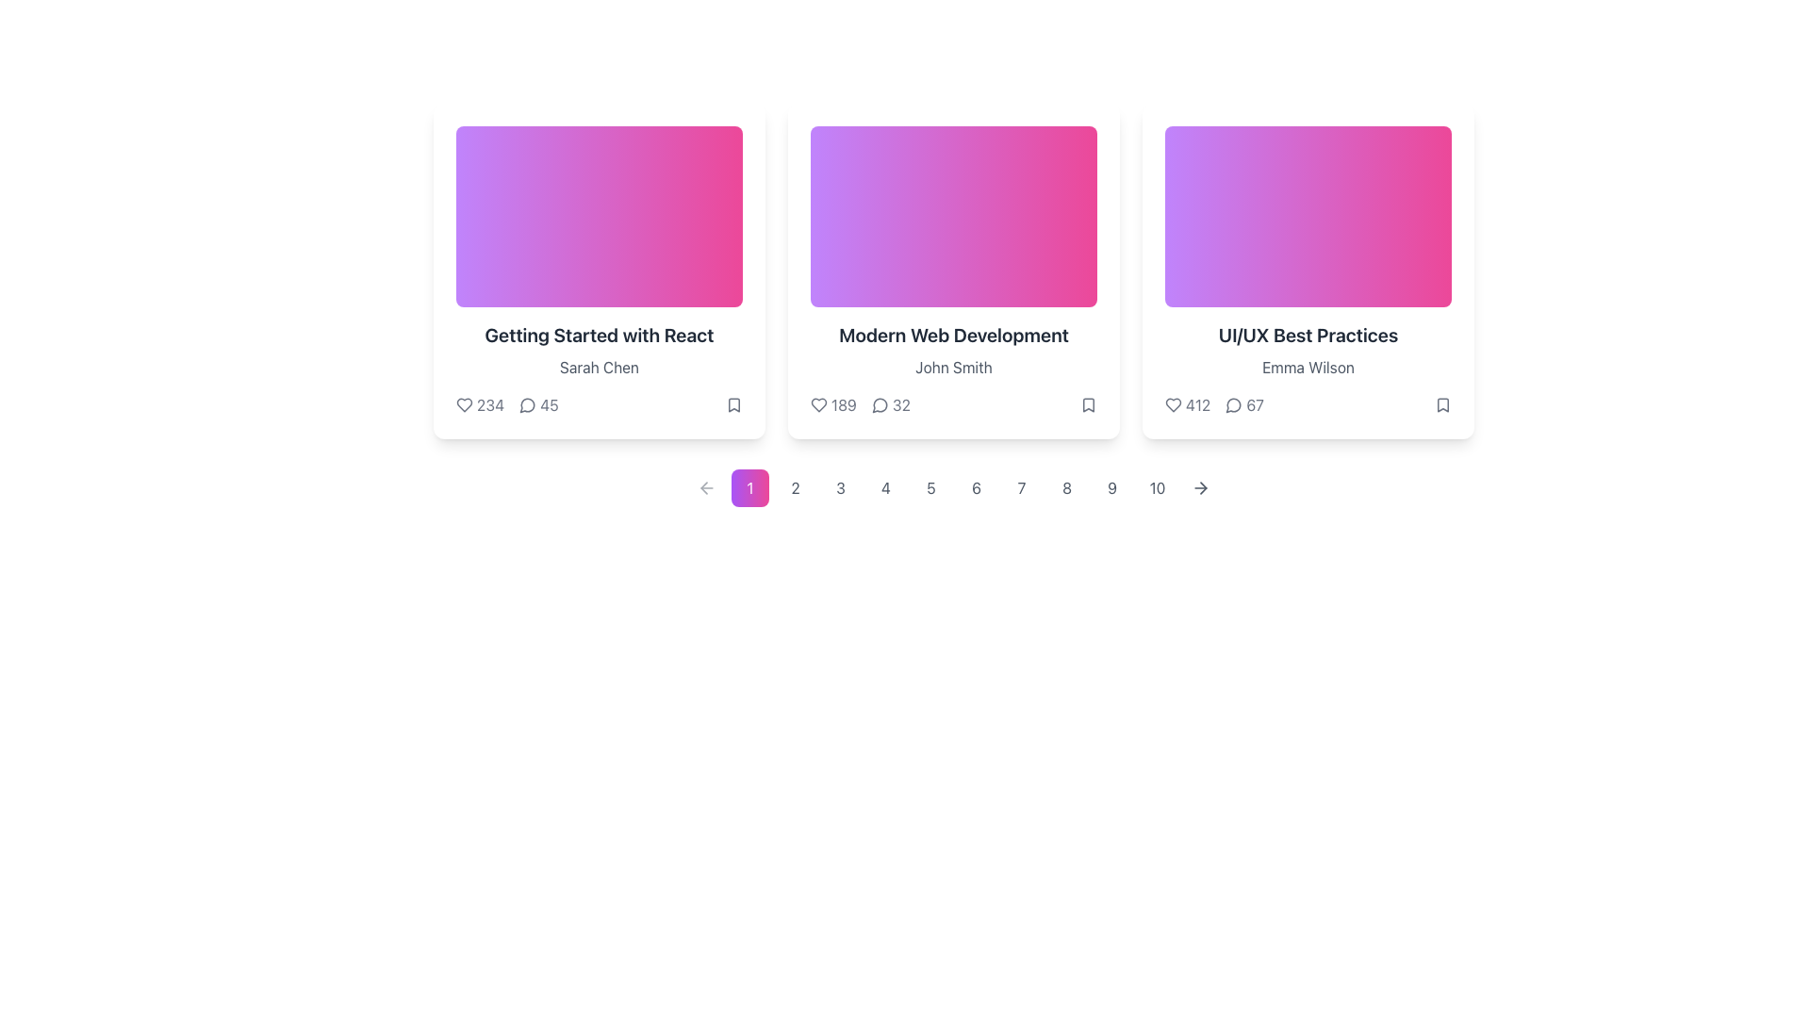 The image size is (1810, 1018). I want to click on the text label displaying 'John Smith', which is located below 'Modern Web Development' and above a row of statistics in the second card of a three-card layout, so click(954, 367).